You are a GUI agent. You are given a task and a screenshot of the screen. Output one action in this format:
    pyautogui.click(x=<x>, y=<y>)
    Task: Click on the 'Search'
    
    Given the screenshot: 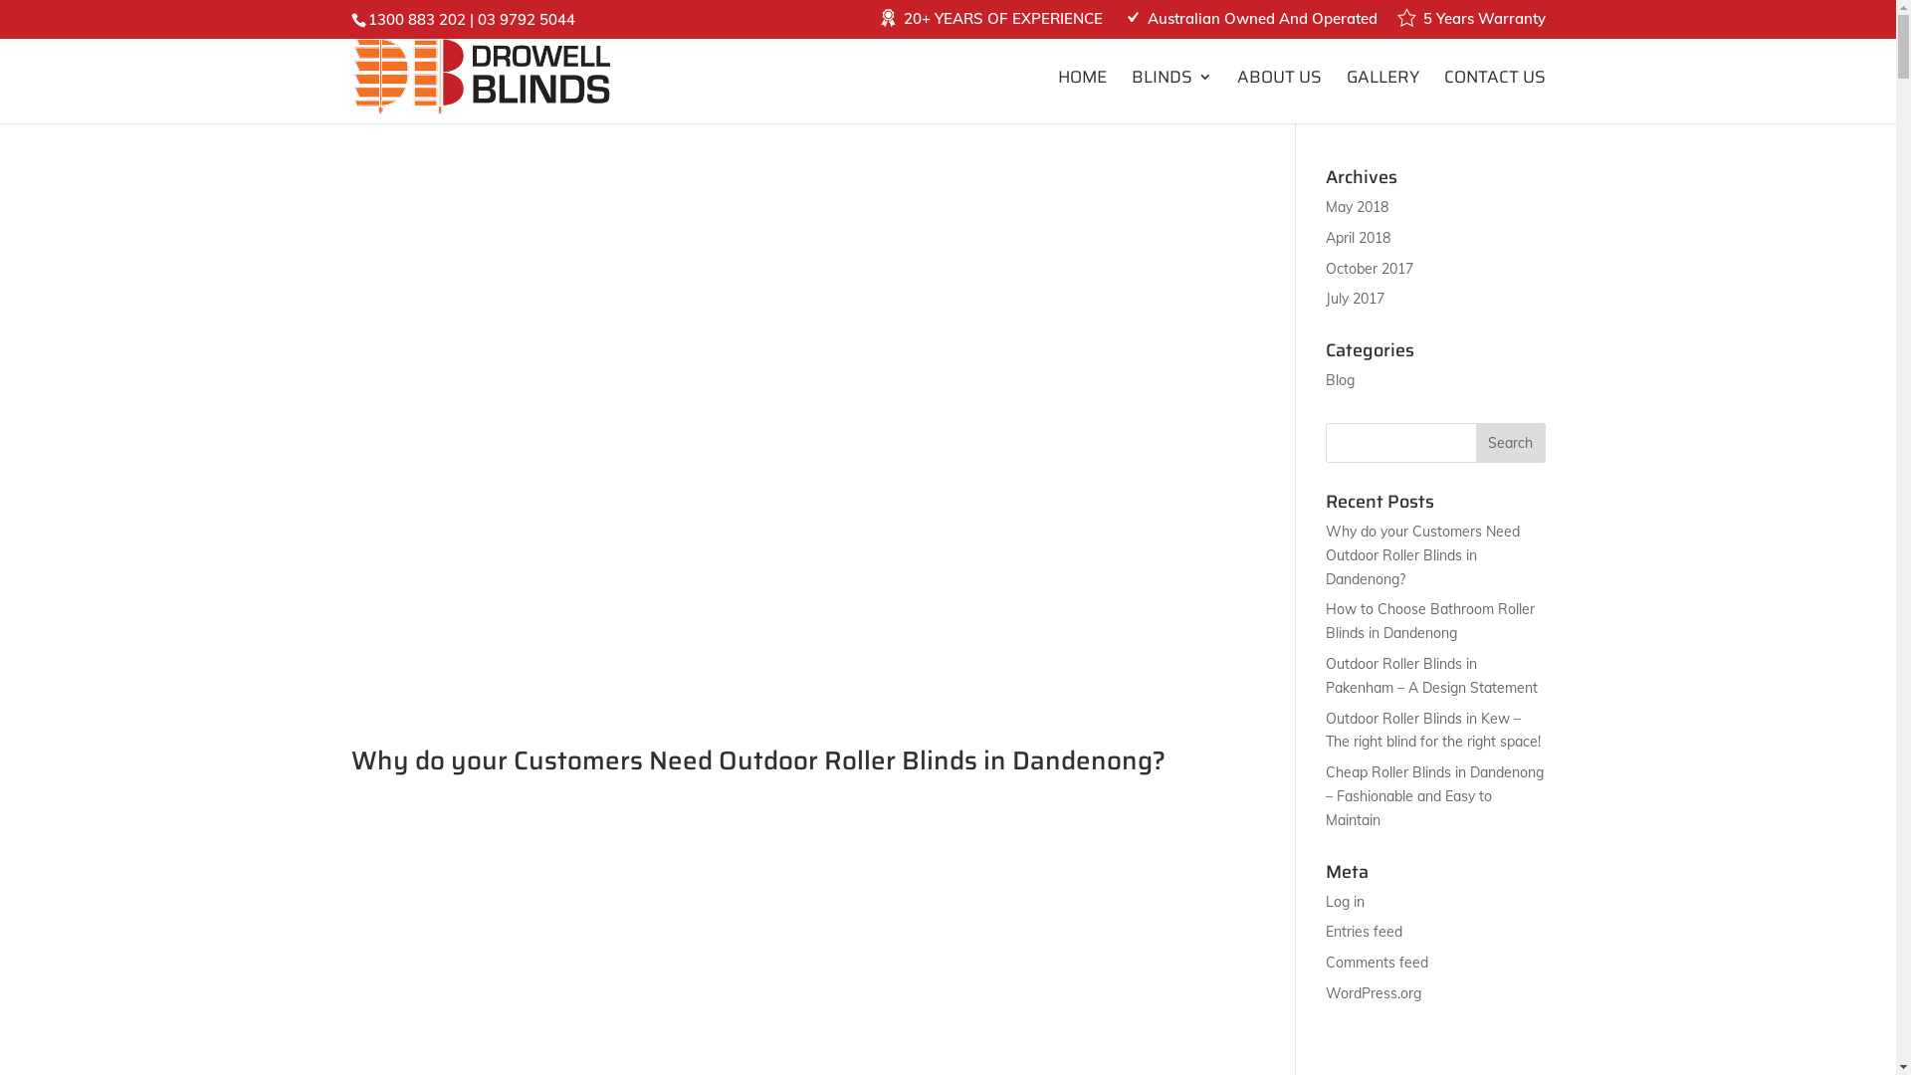 What is the action you would take?
    pyautogui.click(x=1475, y=441)
    